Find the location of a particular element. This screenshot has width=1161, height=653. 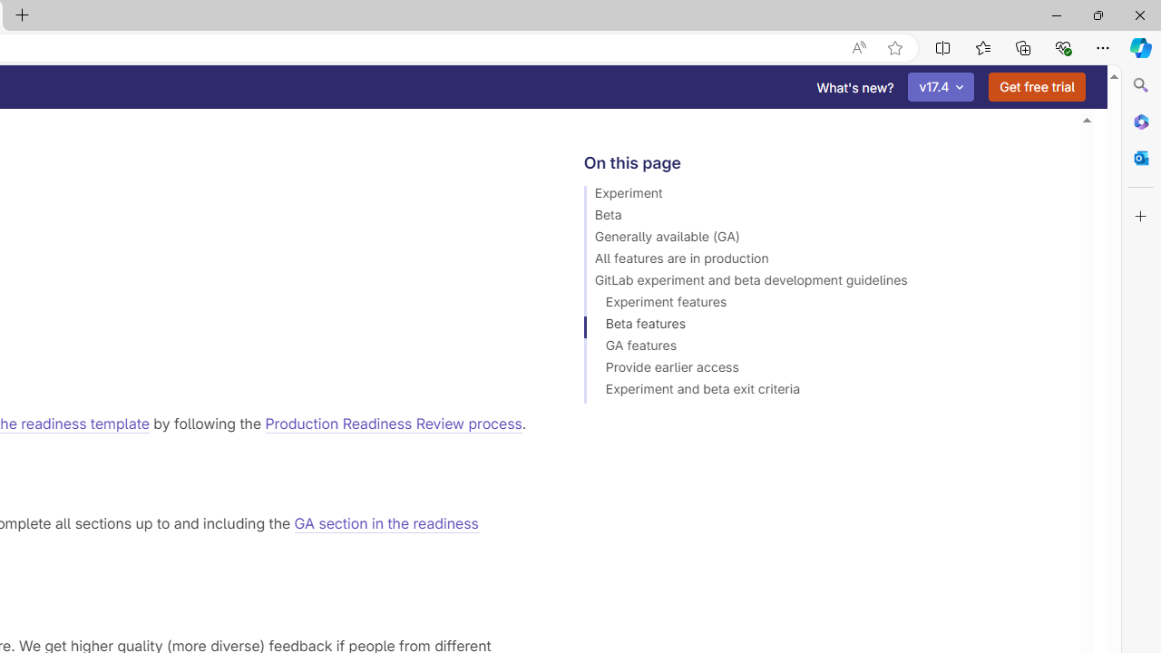

'Generally available (GA)' is located at coordinates (823, 239).